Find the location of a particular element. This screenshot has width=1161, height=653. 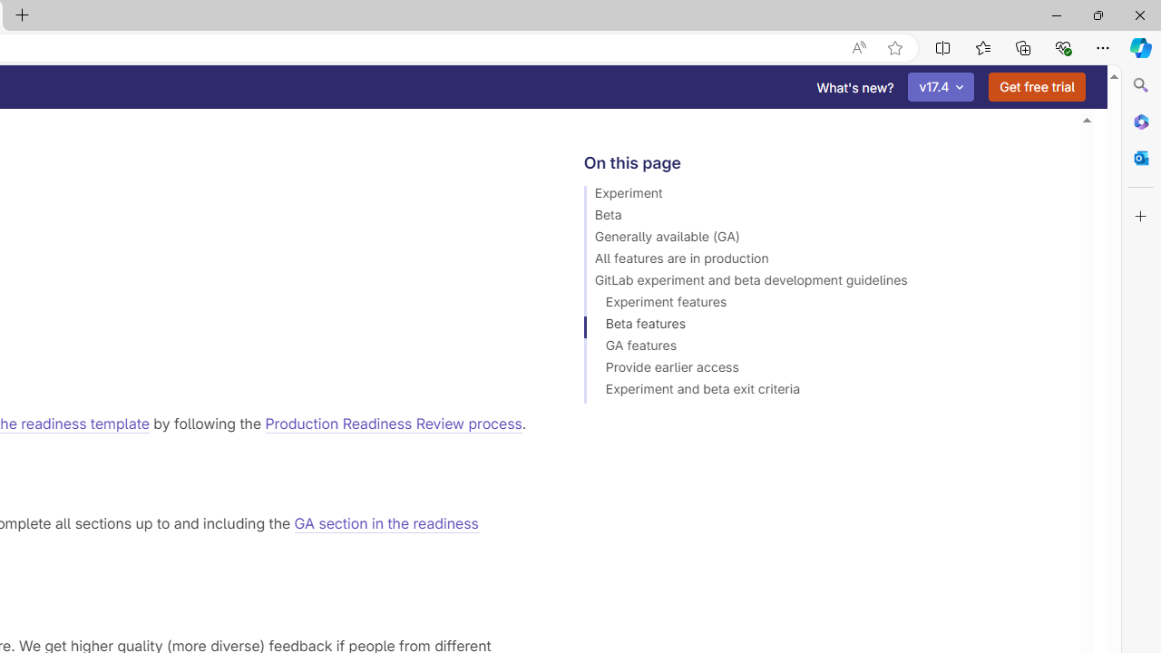

'Generally available (GA)' is located at coordinates (823, 239).